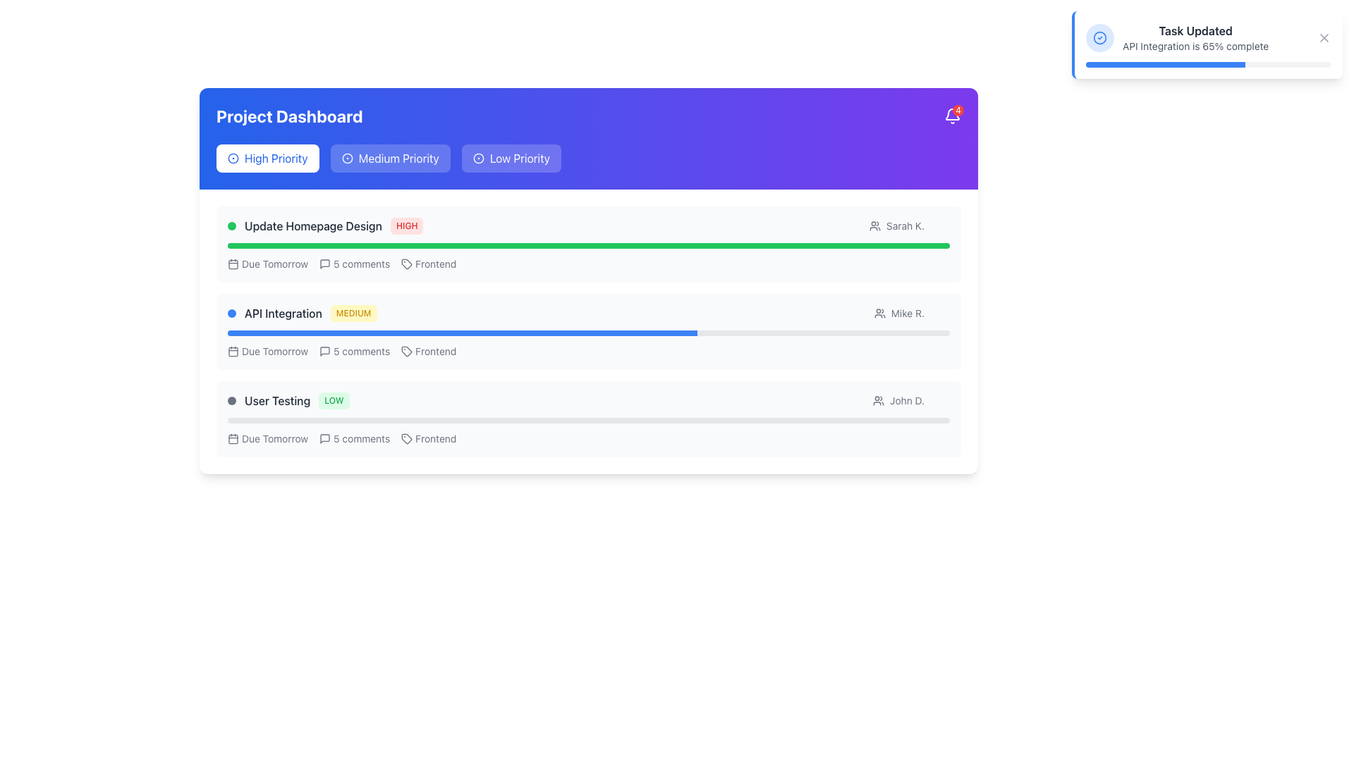 This screenshot has height=761, width=1354. What do you see at coordinates (428, 350) in the screenshot?
I see `label of the Tag component located in the 'API Integration' row, which indicates the task is related to the frontend domain` at bounding box center [428, 350].